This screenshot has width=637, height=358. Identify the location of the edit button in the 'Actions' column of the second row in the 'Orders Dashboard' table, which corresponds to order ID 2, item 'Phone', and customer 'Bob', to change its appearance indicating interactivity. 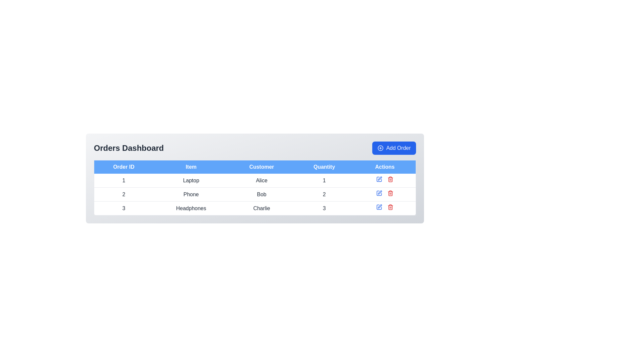
(379, 193).